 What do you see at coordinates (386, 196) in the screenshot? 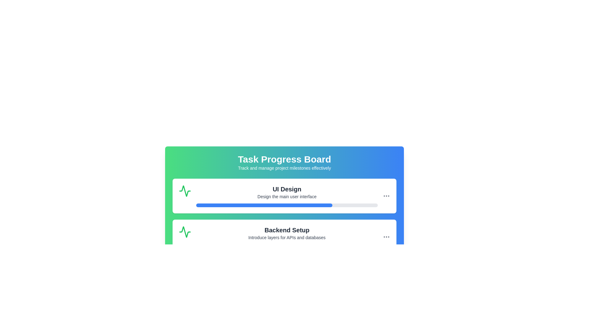
I see `the three dots menu button located at the rightmost side of the 'UI Design' card on the 'Task Progress Board' interface` at bounding box center [386, 196].